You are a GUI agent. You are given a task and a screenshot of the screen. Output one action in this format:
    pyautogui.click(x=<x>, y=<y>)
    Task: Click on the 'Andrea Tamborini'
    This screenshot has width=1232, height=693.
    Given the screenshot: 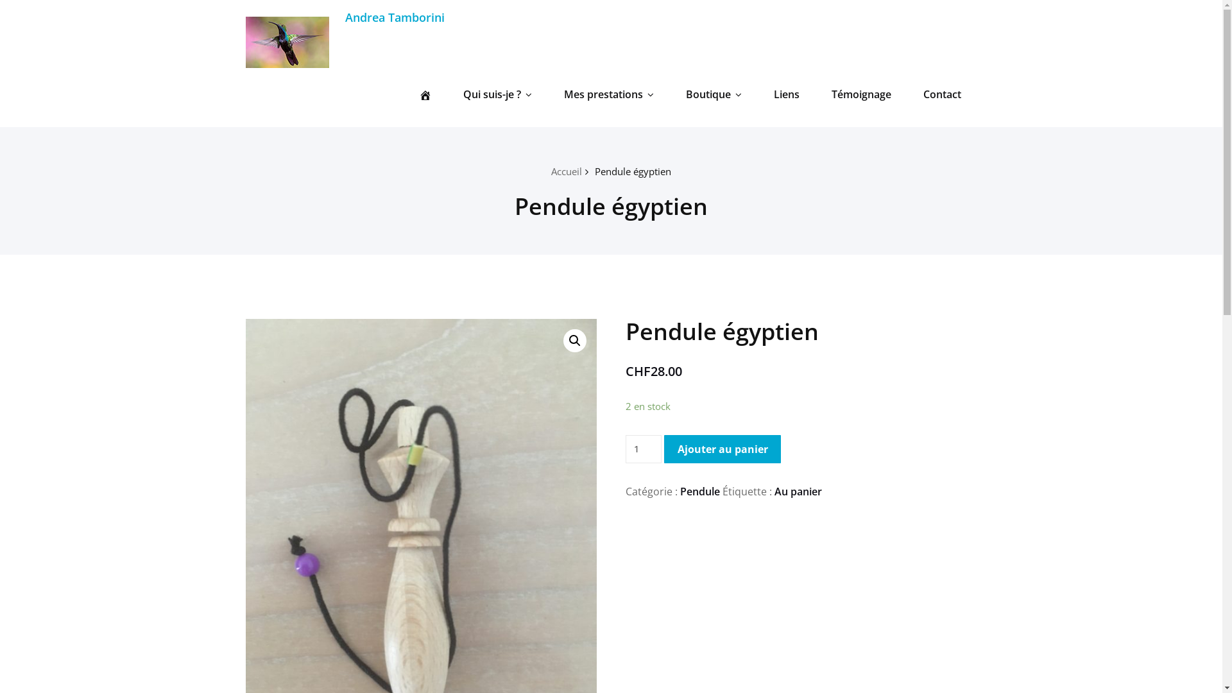 What is the action you would take?
    pyautogui.click(x=394, y=17)
    